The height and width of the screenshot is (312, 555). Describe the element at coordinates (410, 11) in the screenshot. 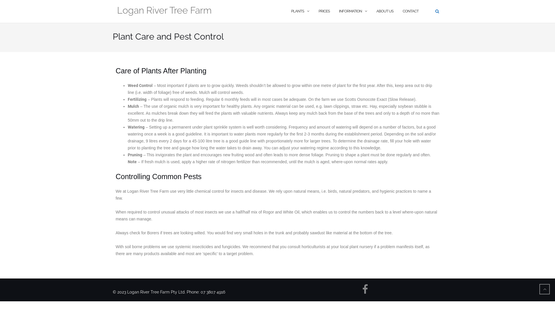

I see `'CONTACT'` at that location.